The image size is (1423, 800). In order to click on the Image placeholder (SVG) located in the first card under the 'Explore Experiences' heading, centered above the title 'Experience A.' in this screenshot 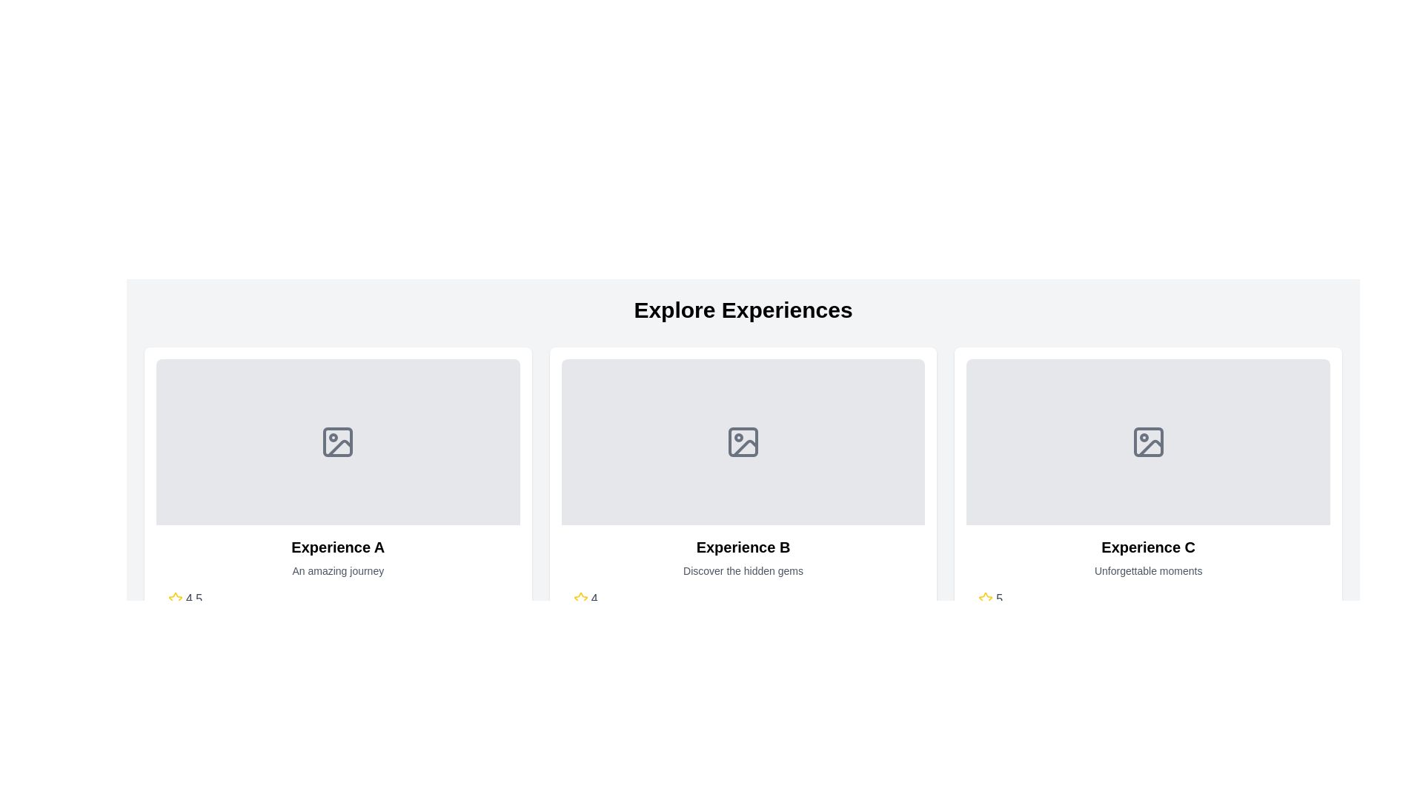, I will do `click(337, 441)`.